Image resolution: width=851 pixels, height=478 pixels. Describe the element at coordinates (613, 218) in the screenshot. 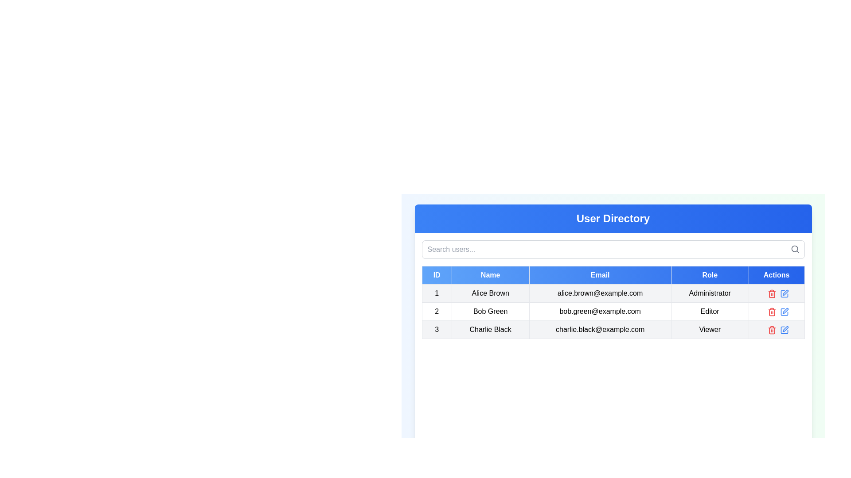

I see `the 'User Directory' header label located in the top header section of the interface` at that location.